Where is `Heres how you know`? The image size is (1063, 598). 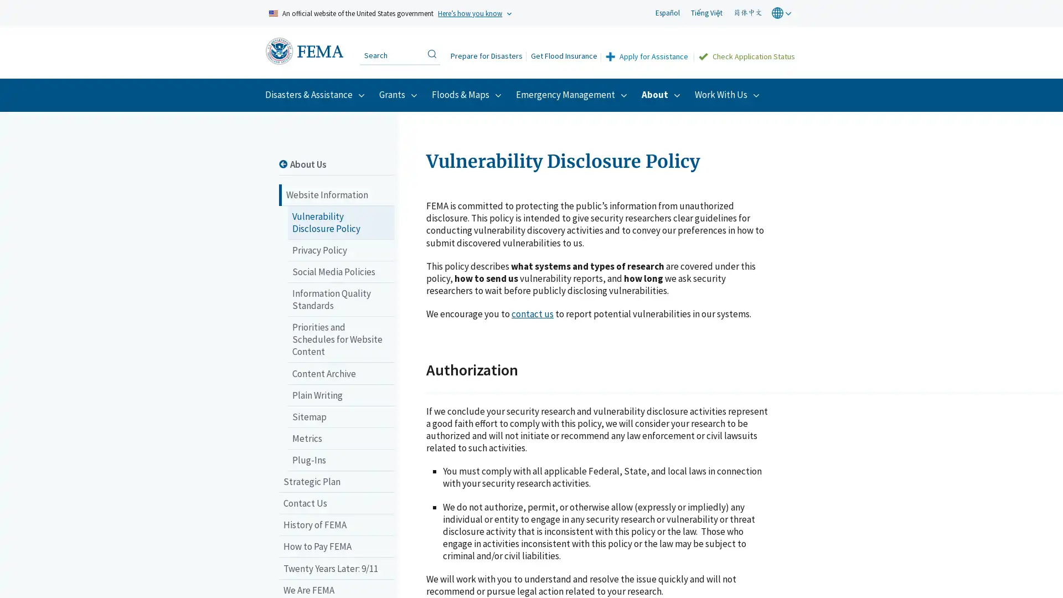 Heres how you know is located at coordinates (470, 13).